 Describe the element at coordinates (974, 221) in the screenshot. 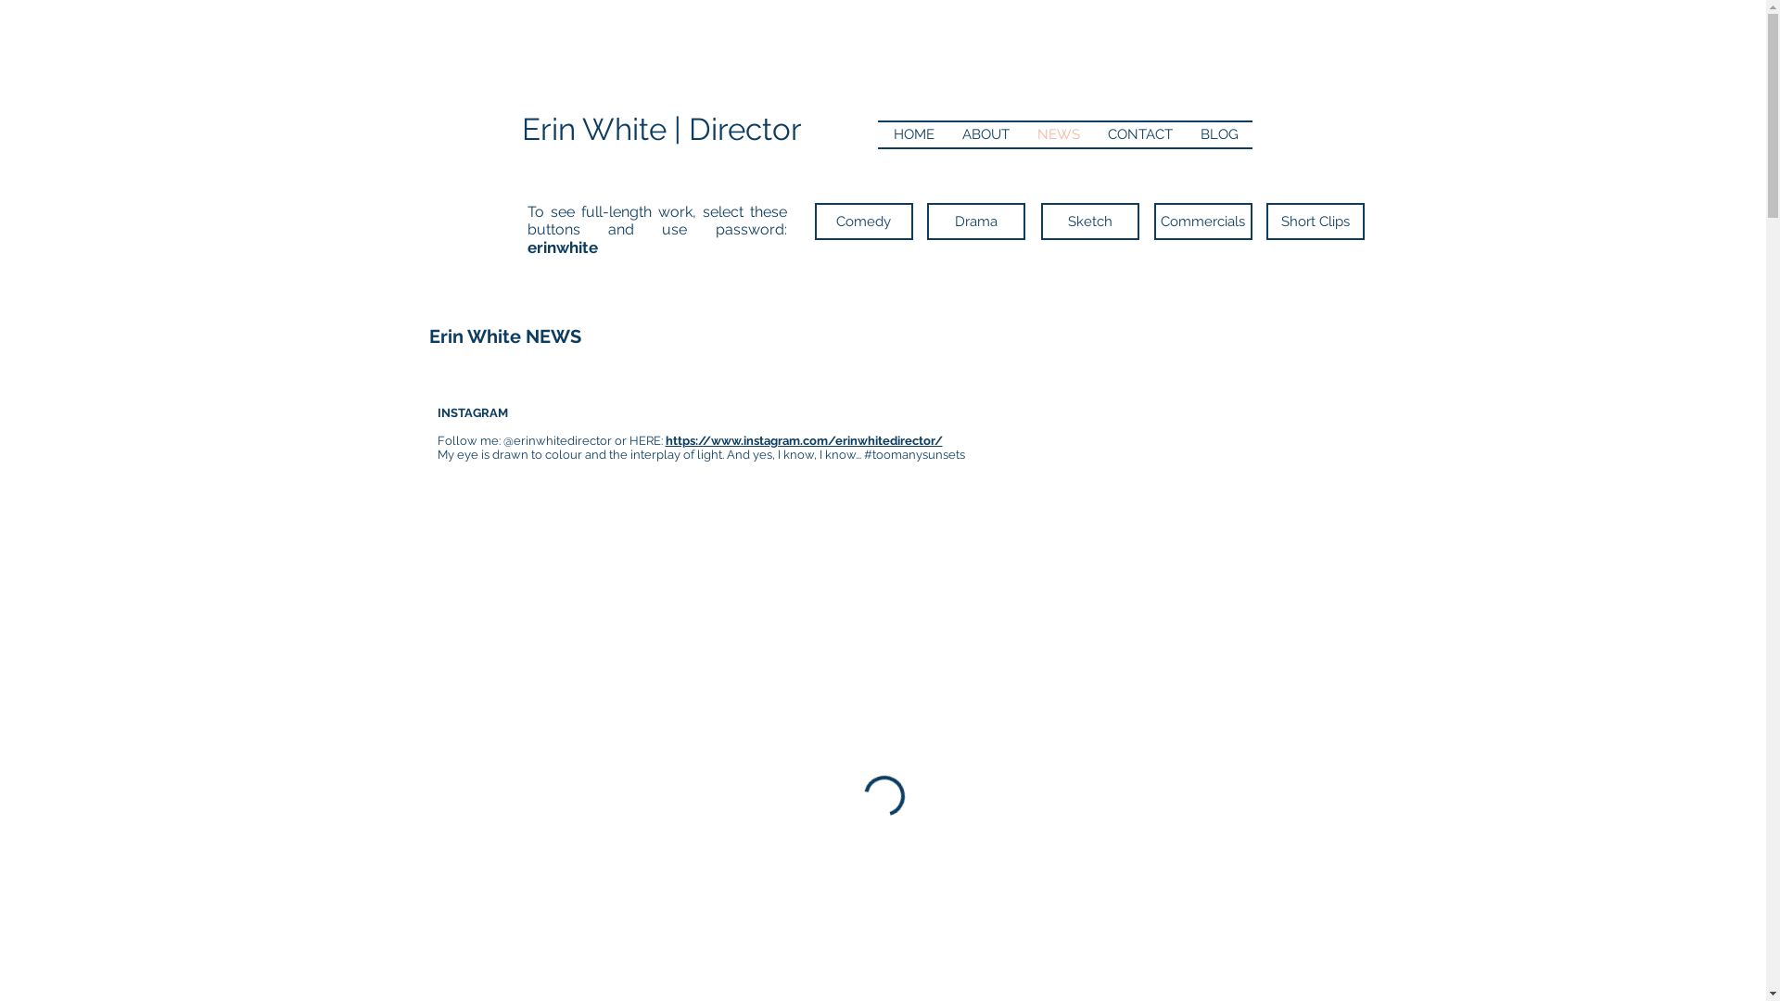

I see `'Drama'` at that location.